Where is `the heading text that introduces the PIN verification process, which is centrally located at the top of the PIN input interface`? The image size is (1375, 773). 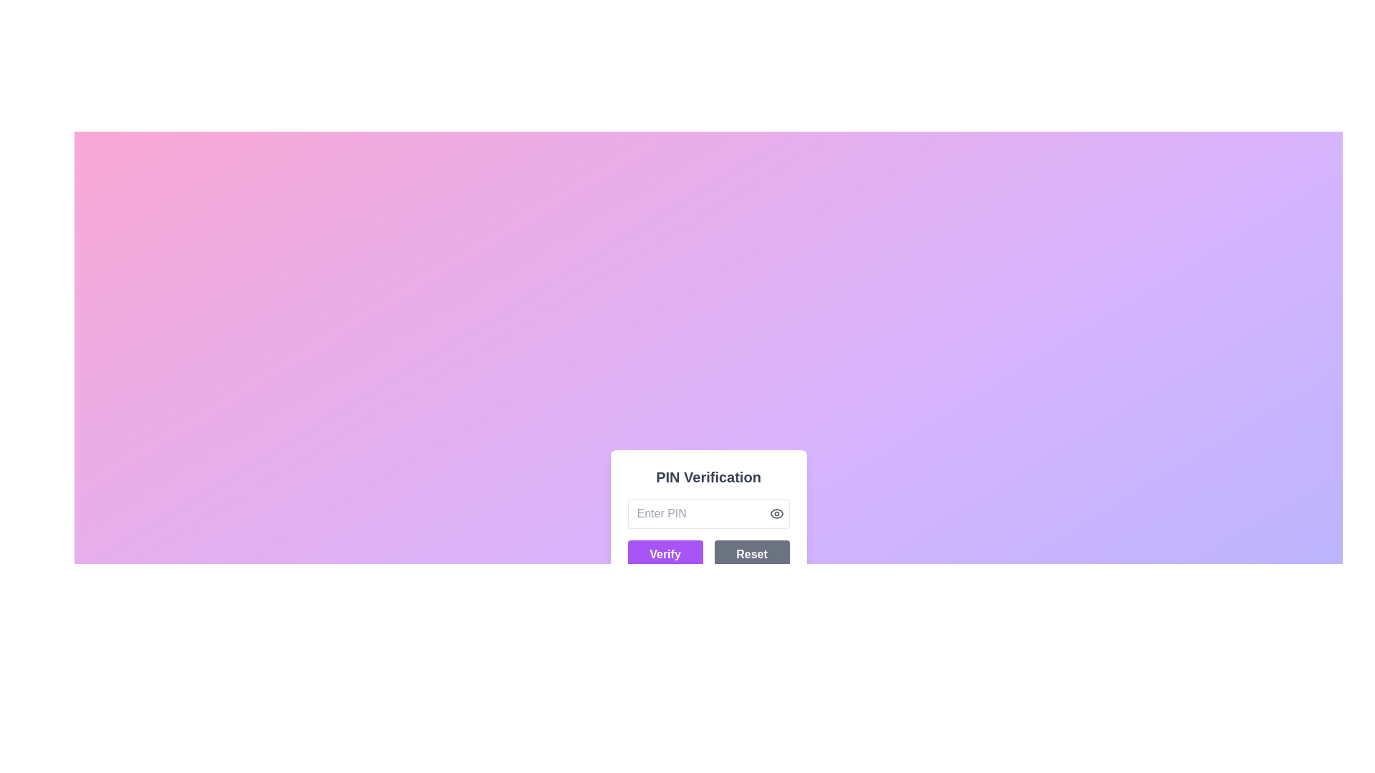
the heading text that introduces the PIN verification process, which is centrally located at the top of the PIN input interface is located at coordinates (708, 477).